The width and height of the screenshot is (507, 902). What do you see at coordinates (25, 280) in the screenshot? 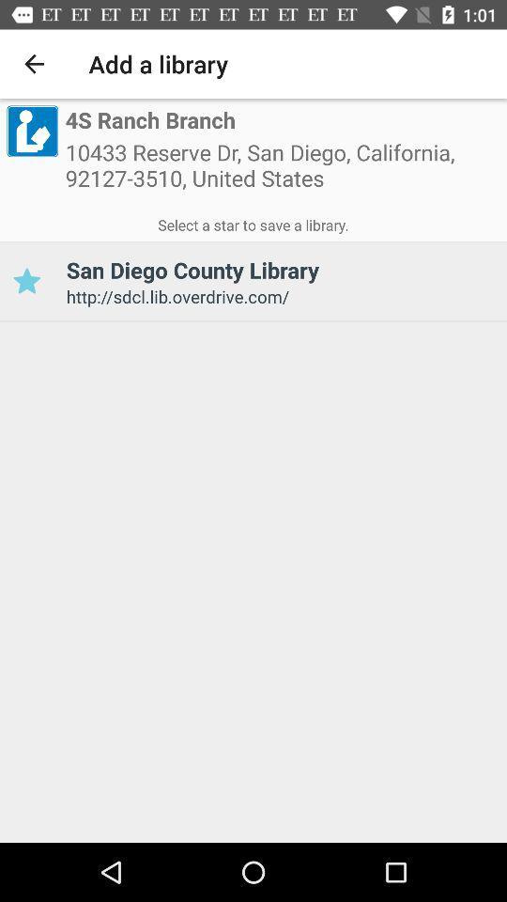
I see `item below select a star` at bounding box center [25, 280].